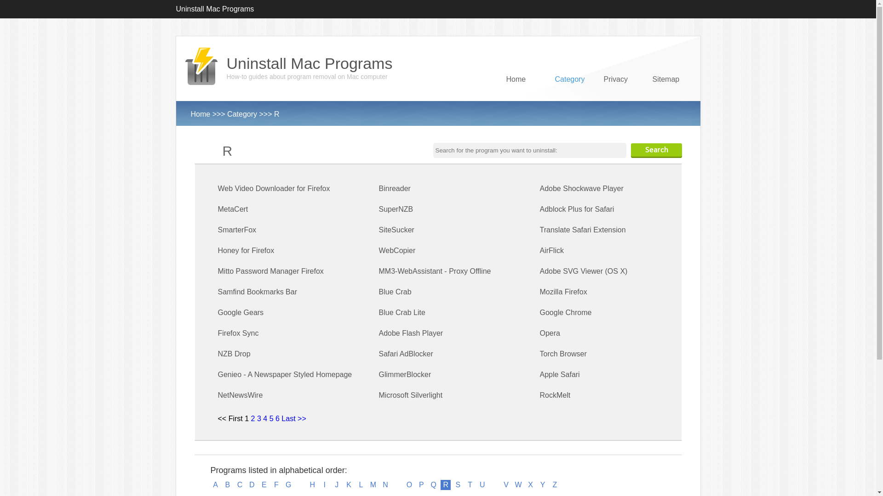  Describe the element at coordinates (410, 395) in the screenshot. I see `'Microsoft Silverlight'` at that location.